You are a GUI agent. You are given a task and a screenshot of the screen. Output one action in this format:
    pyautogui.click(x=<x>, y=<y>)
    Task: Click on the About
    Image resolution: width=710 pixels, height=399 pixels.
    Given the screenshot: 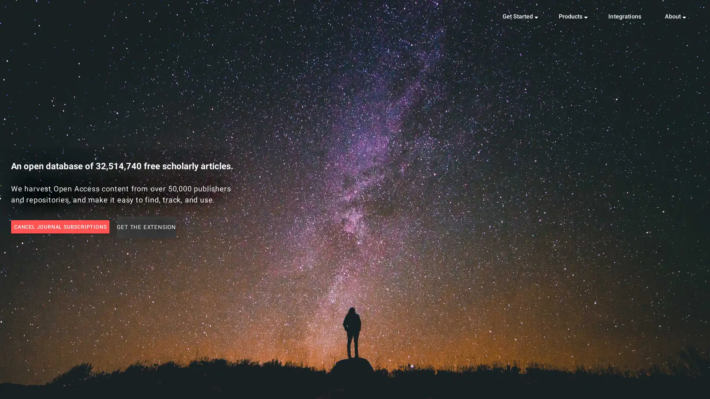 What is the action you would take?
    pyautogui.click(x=675, y=16)
    